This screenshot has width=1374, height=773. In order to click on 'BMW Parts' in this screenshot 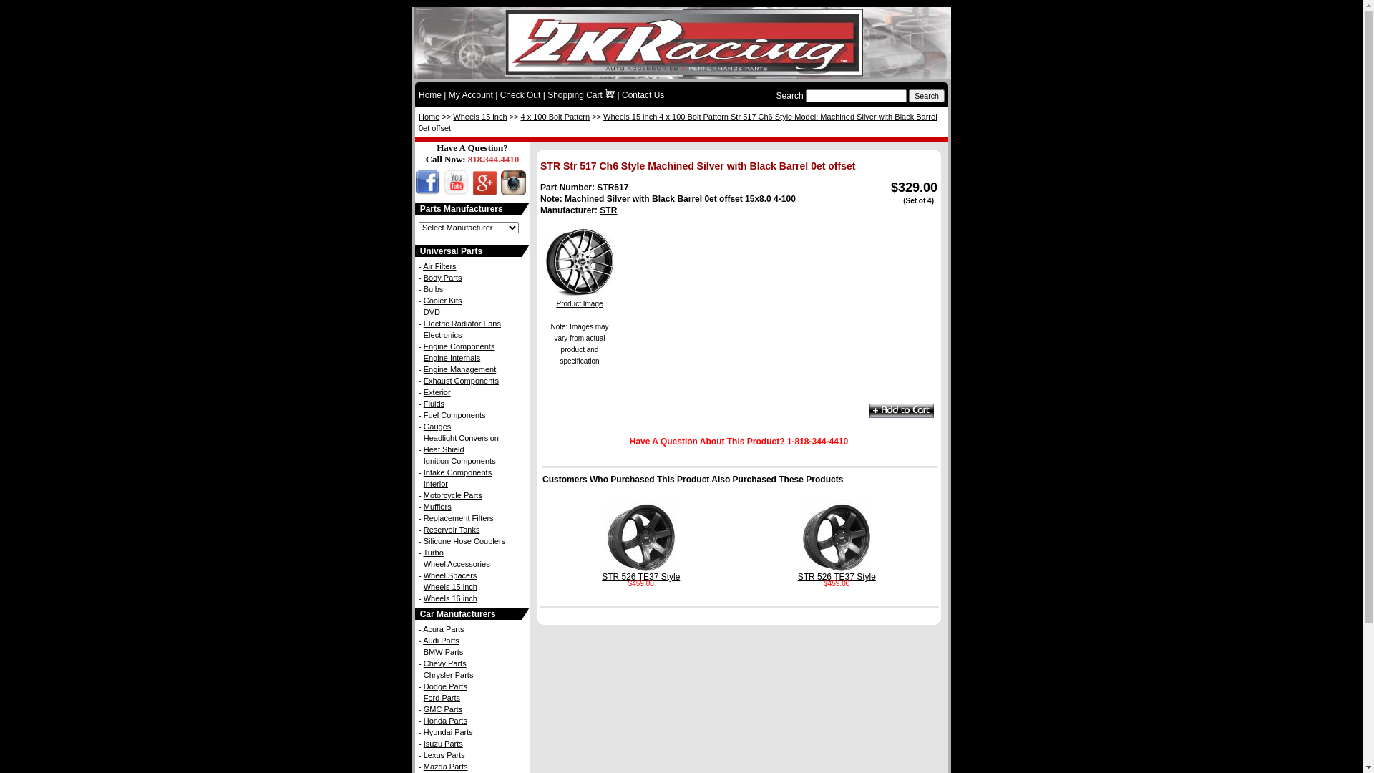, I will do `click(442, 651)`.